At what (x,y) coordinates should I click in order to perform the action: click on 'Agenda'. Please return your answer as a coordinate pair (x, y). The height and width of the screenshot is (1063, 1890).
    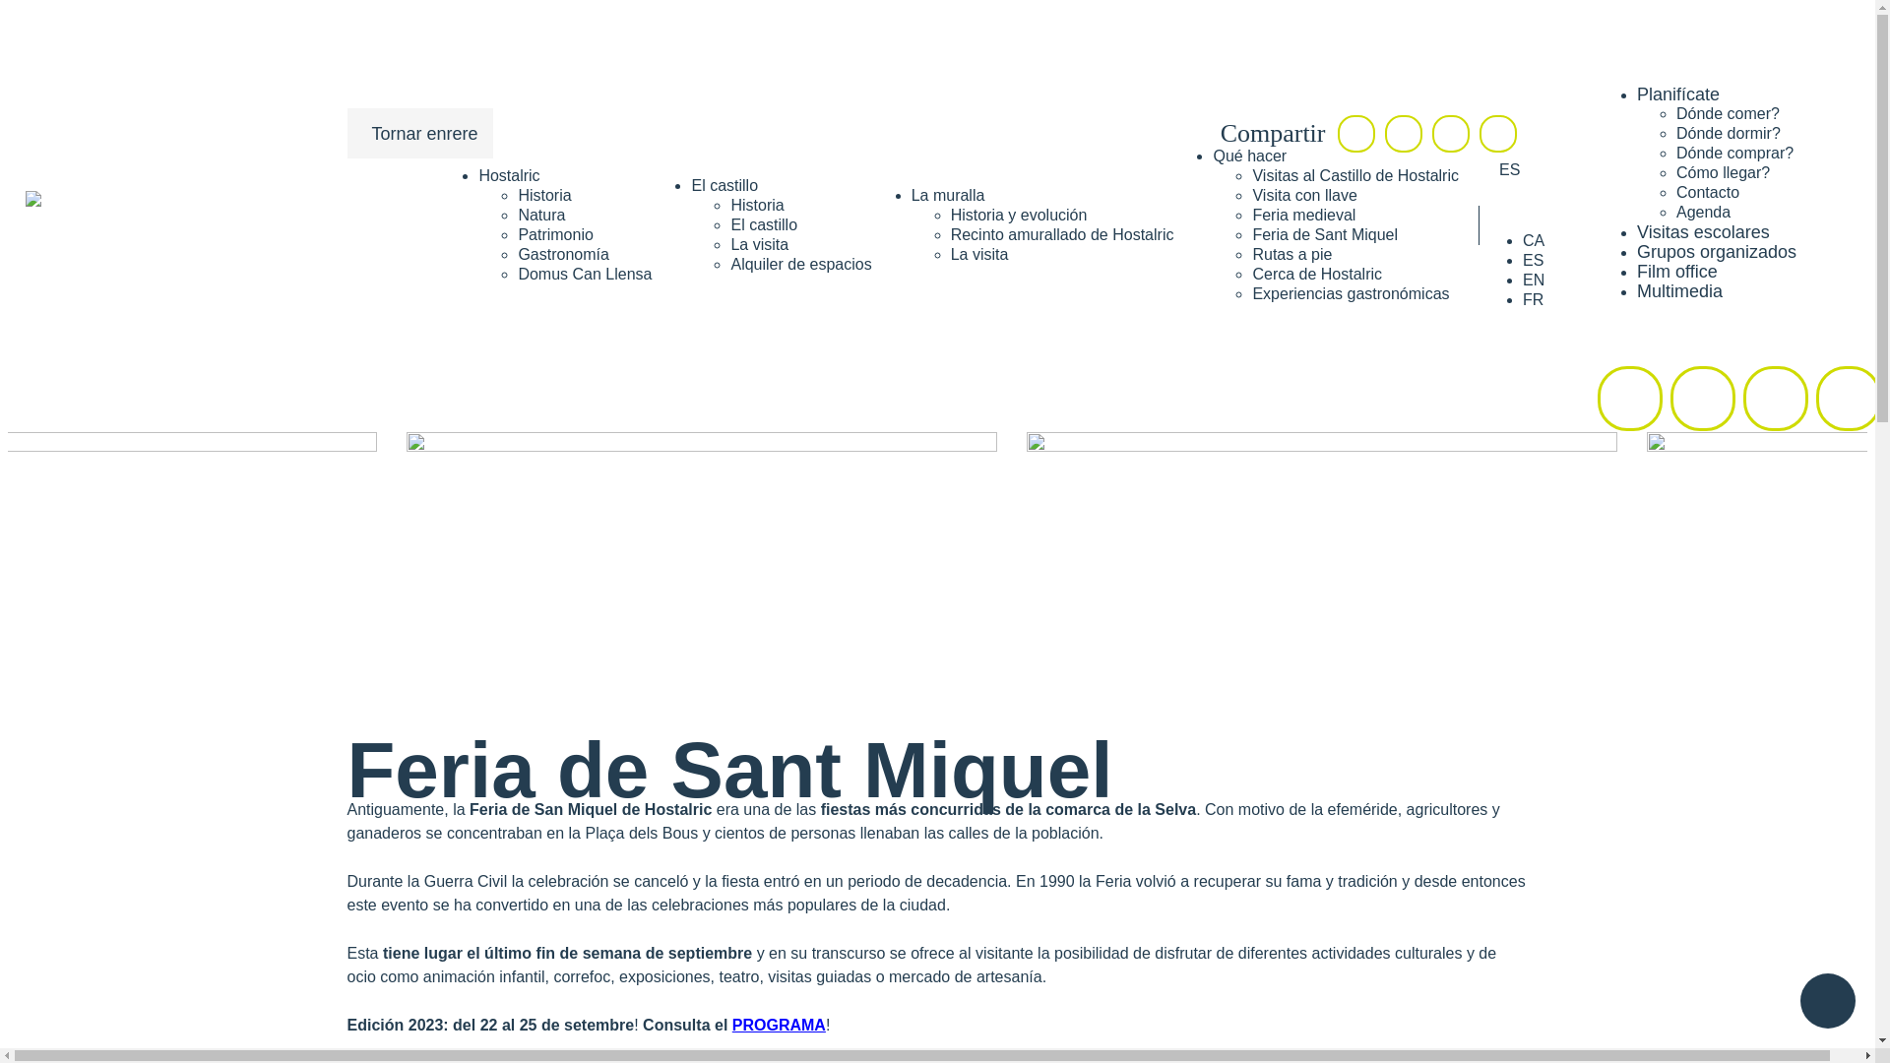
    Looking at the image, I should click on (1702, 212).